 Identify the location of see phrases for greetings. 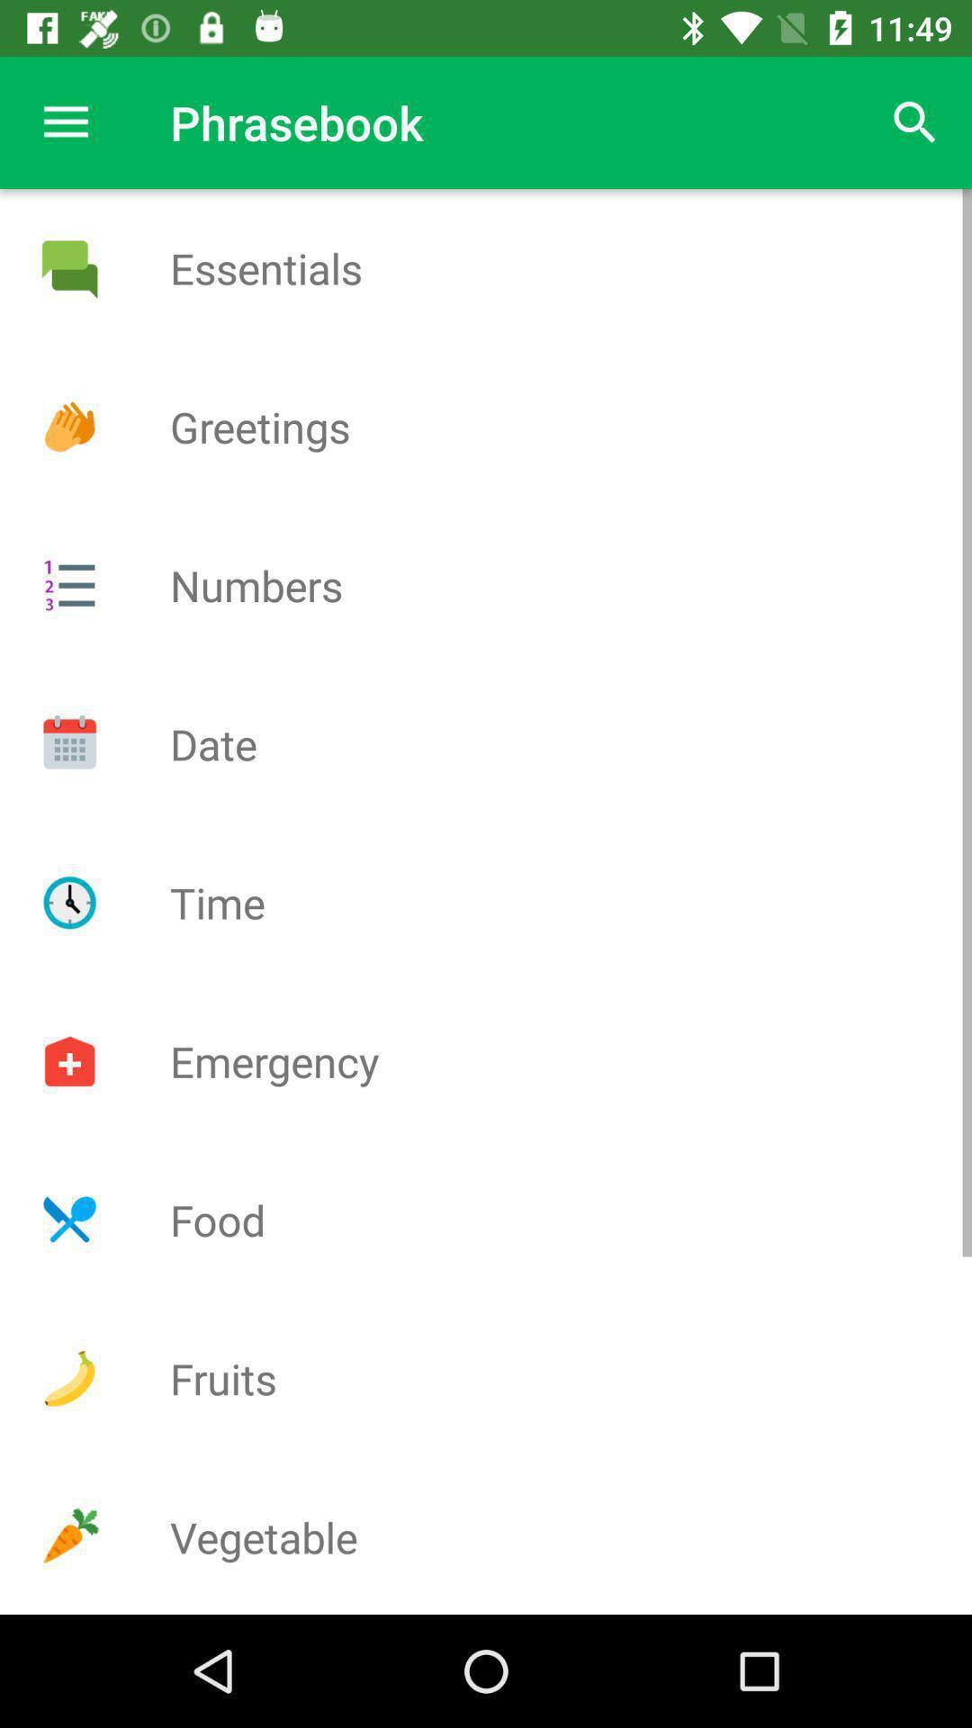
(68, 426).